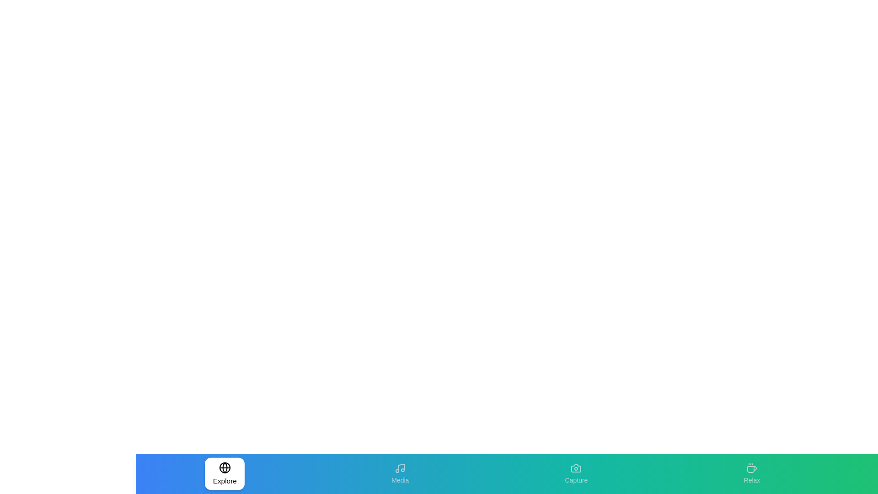 The height and width of the screenshot is (494, 878). What do you see at coordinates (752, 473) in the screenshot?
I see `the tab labeled Relax` at bounding box center [752, 473].